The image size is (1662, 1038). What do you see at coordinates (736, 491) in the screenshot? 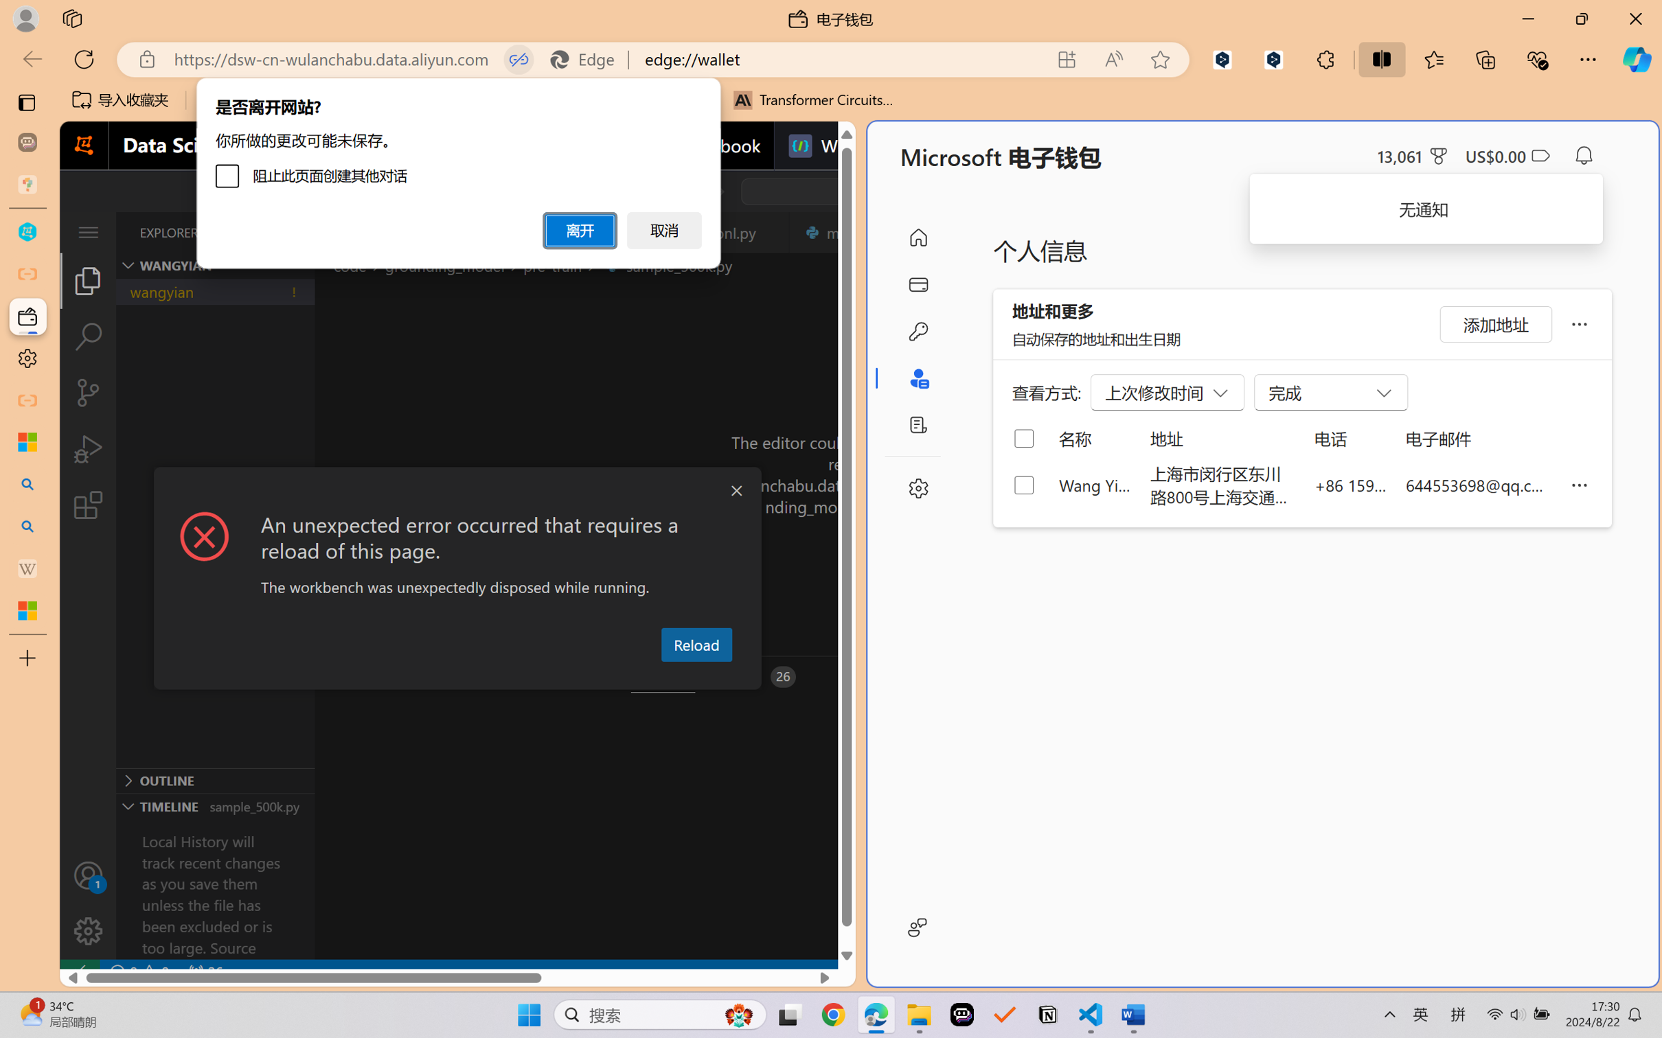
I see `'Close Dialog'` at bounding box center [736, 491].